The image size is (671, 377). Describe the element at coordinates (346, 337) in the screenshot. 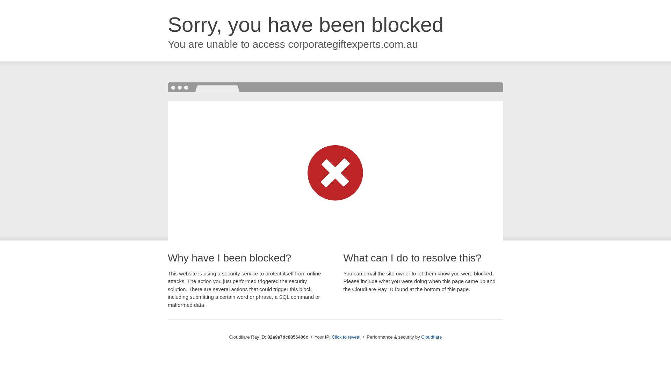

I see `'Click to reveal'` at that location.